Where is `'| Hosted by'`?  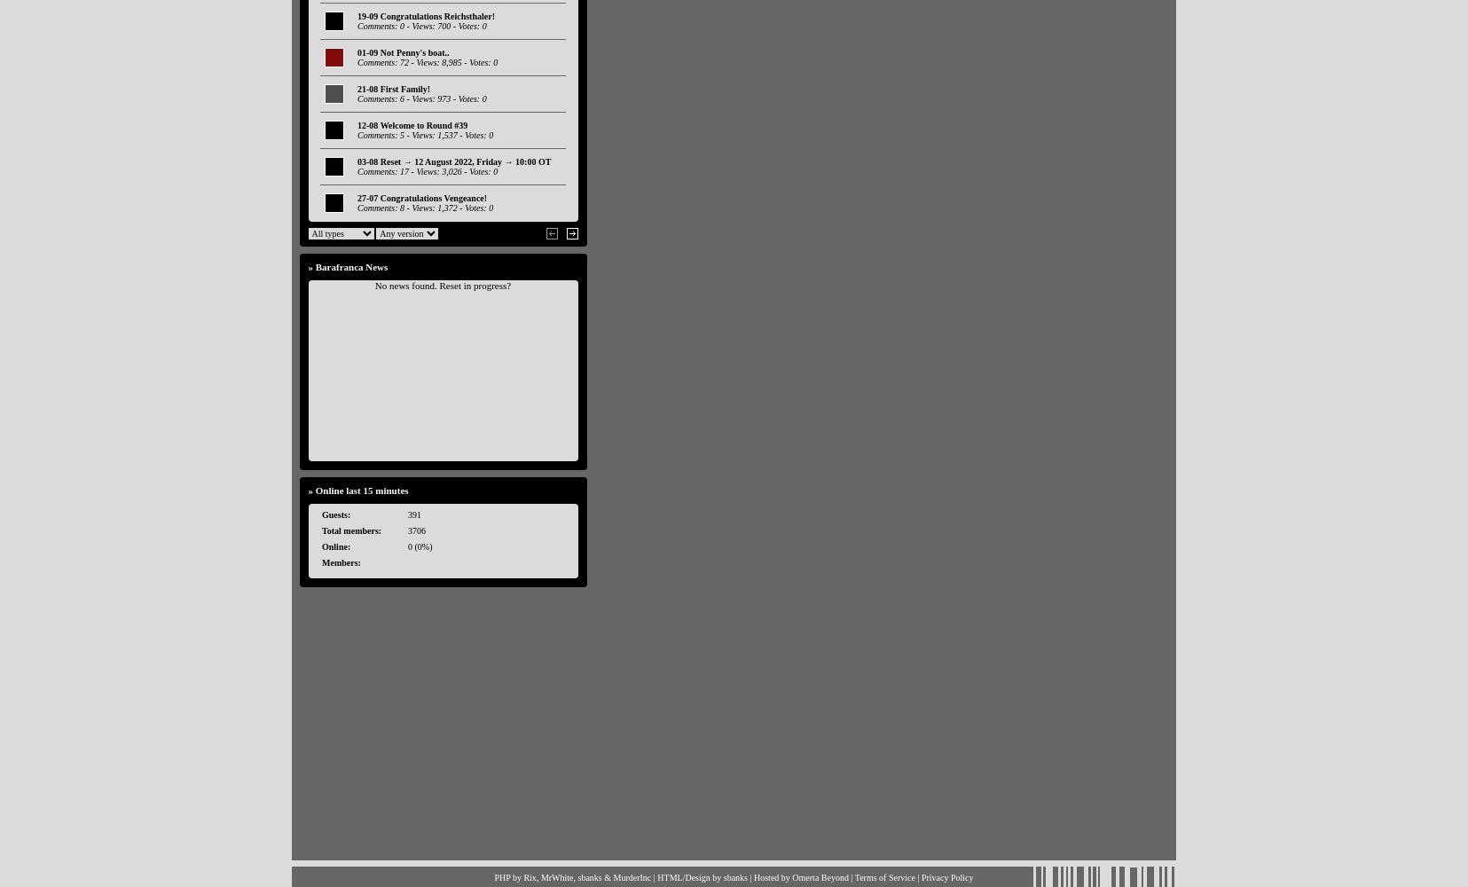 '| Hosted by' is located at coordinates (748, 875).